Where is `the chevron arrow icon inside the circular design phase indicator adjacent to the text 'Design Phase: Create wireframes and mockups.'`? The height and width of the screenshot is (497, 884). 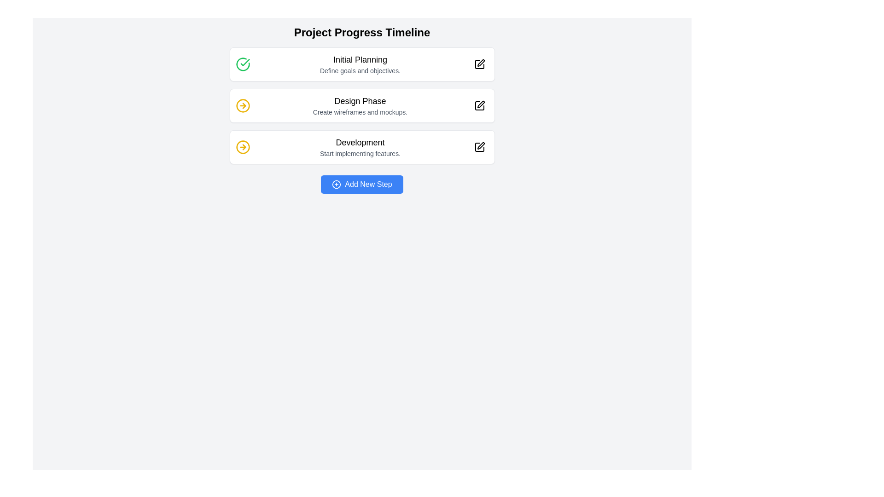
the chevron arrow icon inside the circular design phase indicator adjacent to the text 'Design Phase: Create wireframes and mockups.' is located at coordinates (244, 147).